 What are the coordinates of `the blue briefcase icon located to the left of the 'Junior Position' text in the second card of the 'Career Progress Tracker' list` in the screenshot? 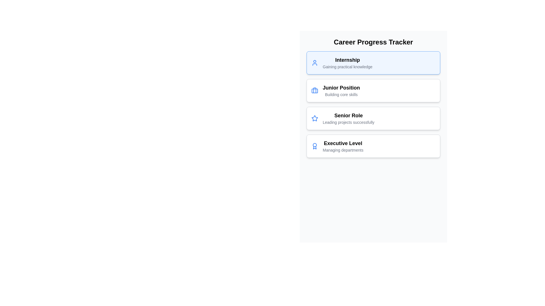 It's located at (314, 90).